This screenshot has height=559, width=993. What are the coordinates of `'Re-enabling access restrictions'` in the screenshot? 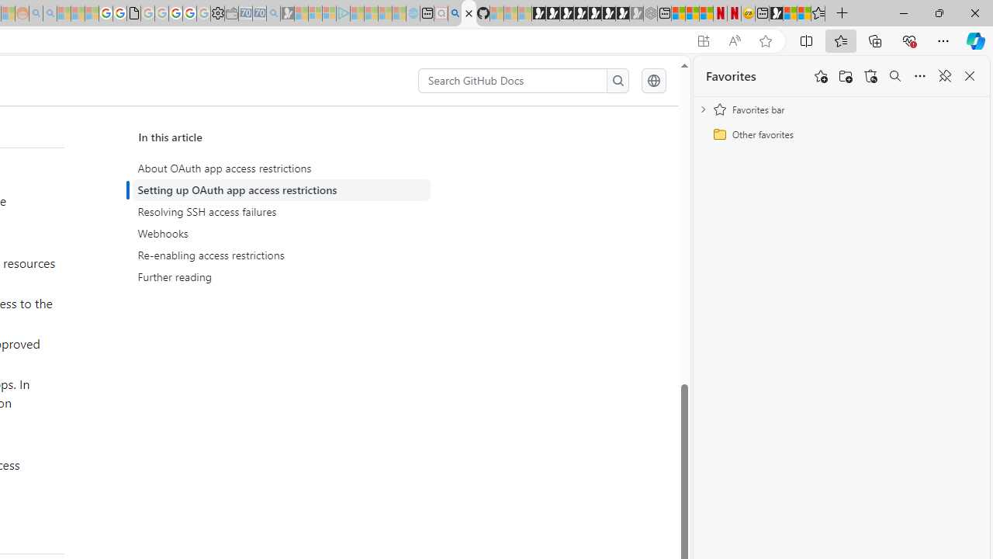 It's located at (281, 255).